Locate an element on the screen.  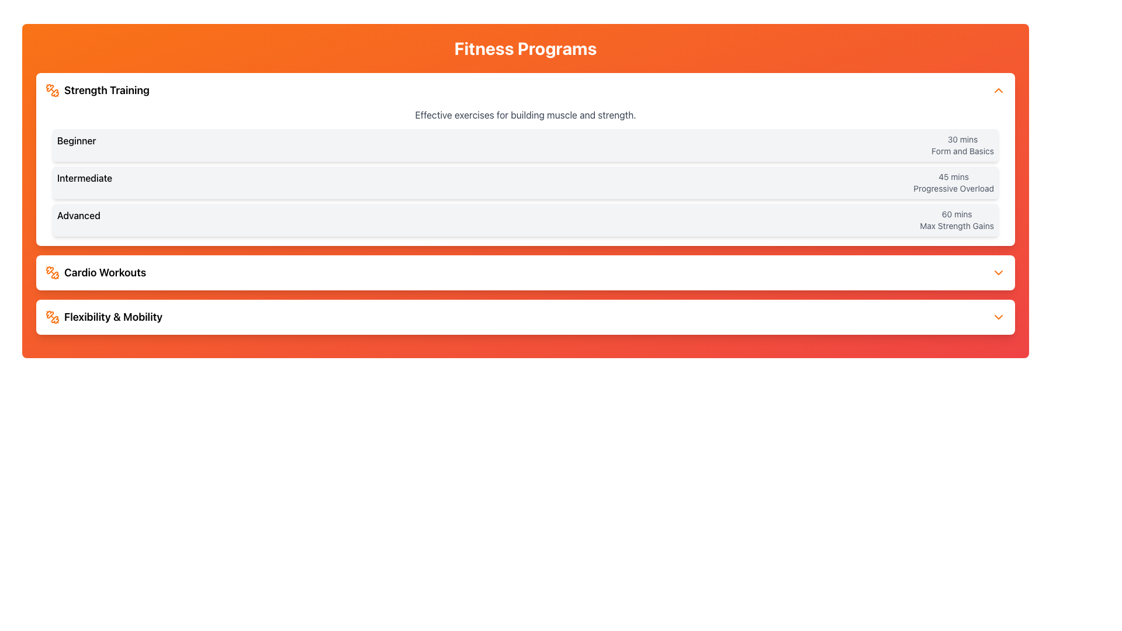
the static text label indicating a duration of '30 minutes', located in the 'Strength Training' section, to the right of 'Form and Basics' is located at coordinates (962, 139).